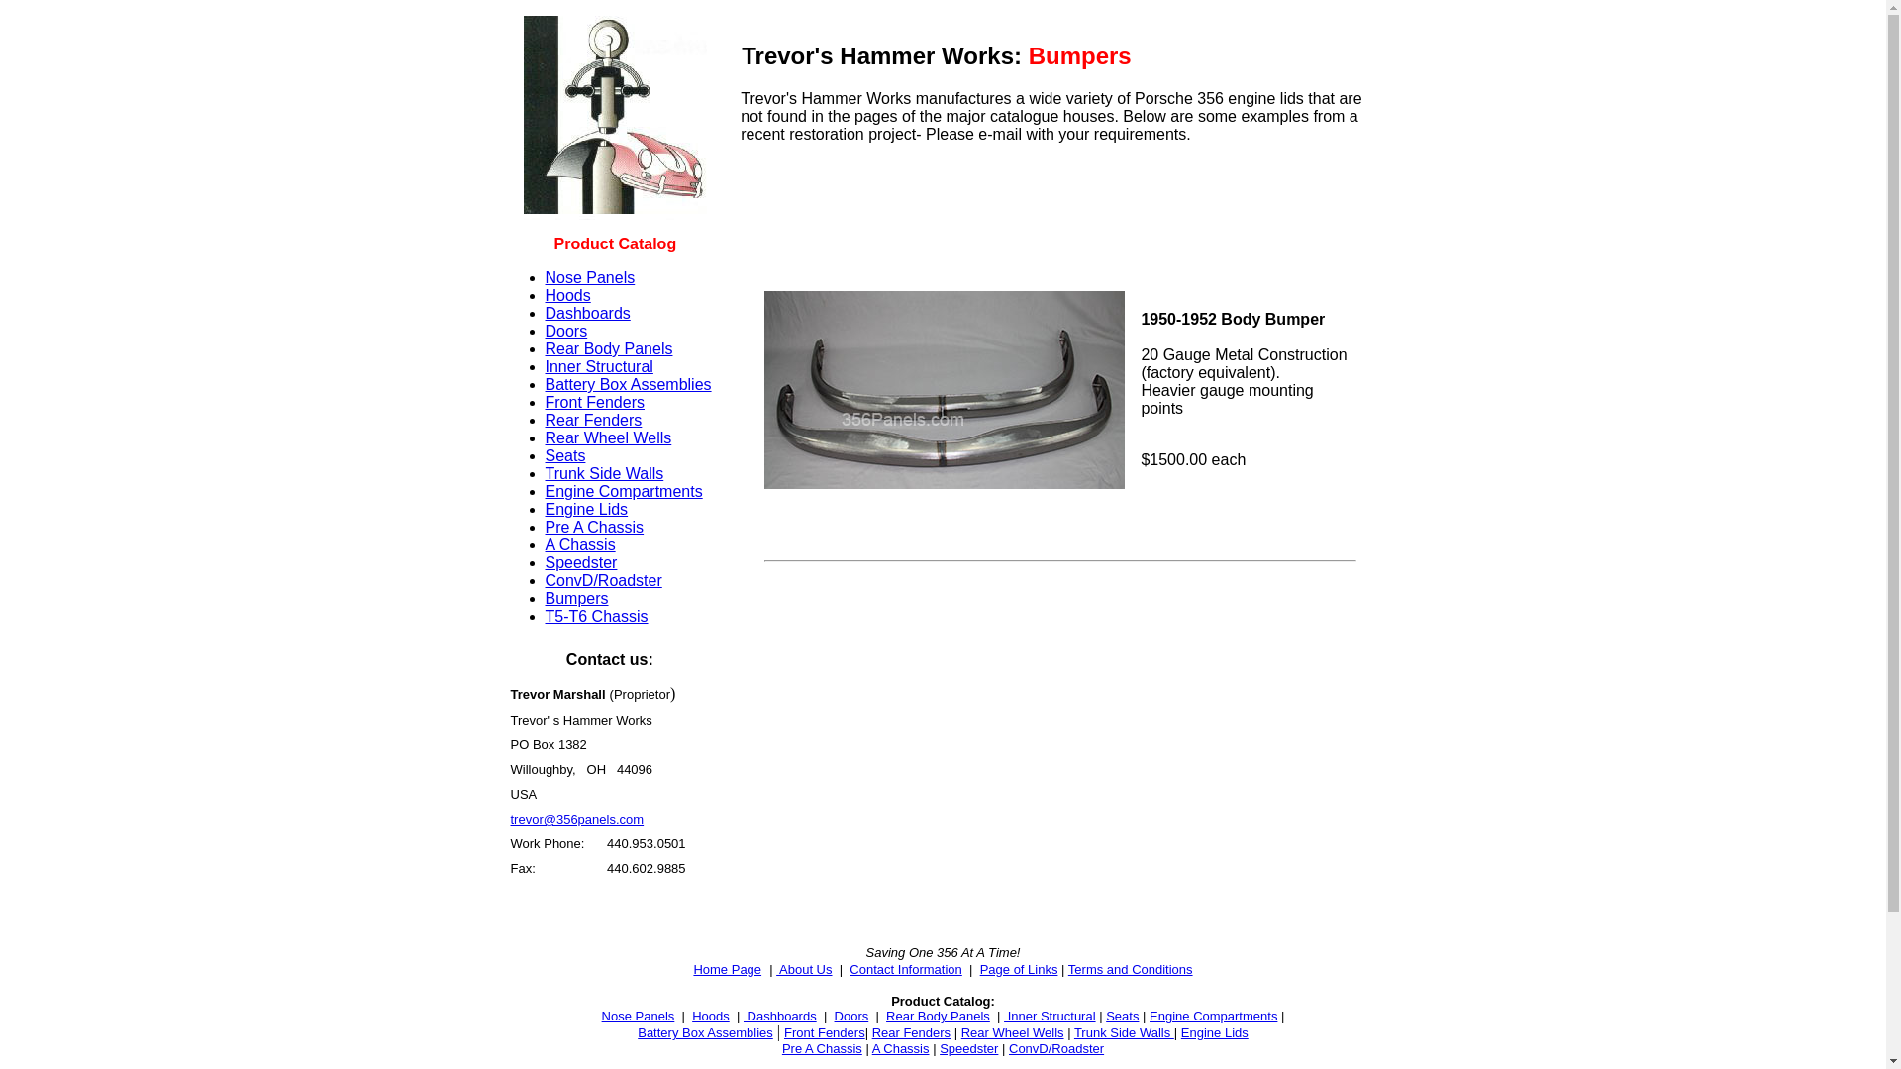 The height and width of the screenshot is (1069, 1901). I want to click on 'Terms and Conditions', so click(1131, 968).